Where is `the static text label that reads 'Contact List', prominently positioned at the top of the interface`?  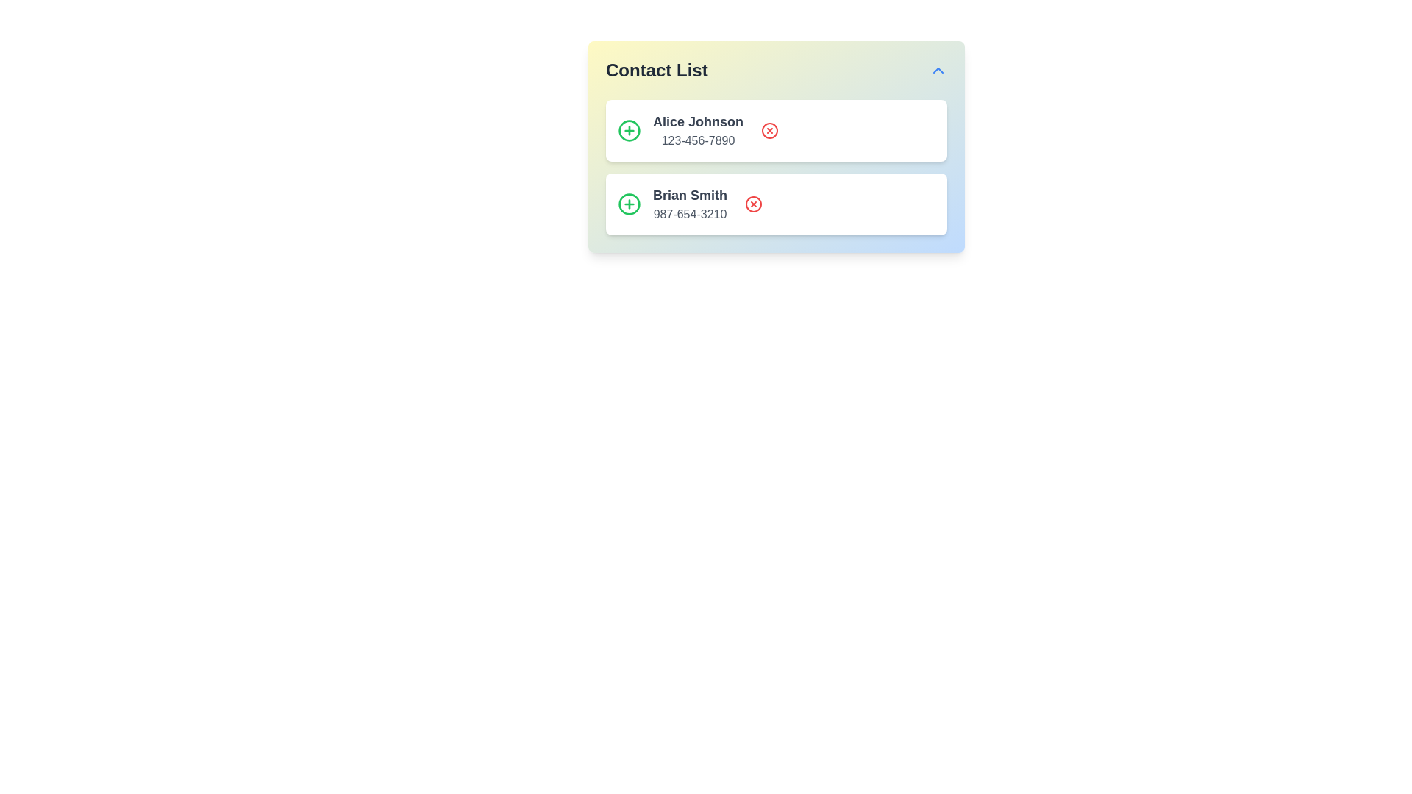 the static text label that reads 'Contact List', prominently positioned at the top of the interface is located at coordinates (656, 71).